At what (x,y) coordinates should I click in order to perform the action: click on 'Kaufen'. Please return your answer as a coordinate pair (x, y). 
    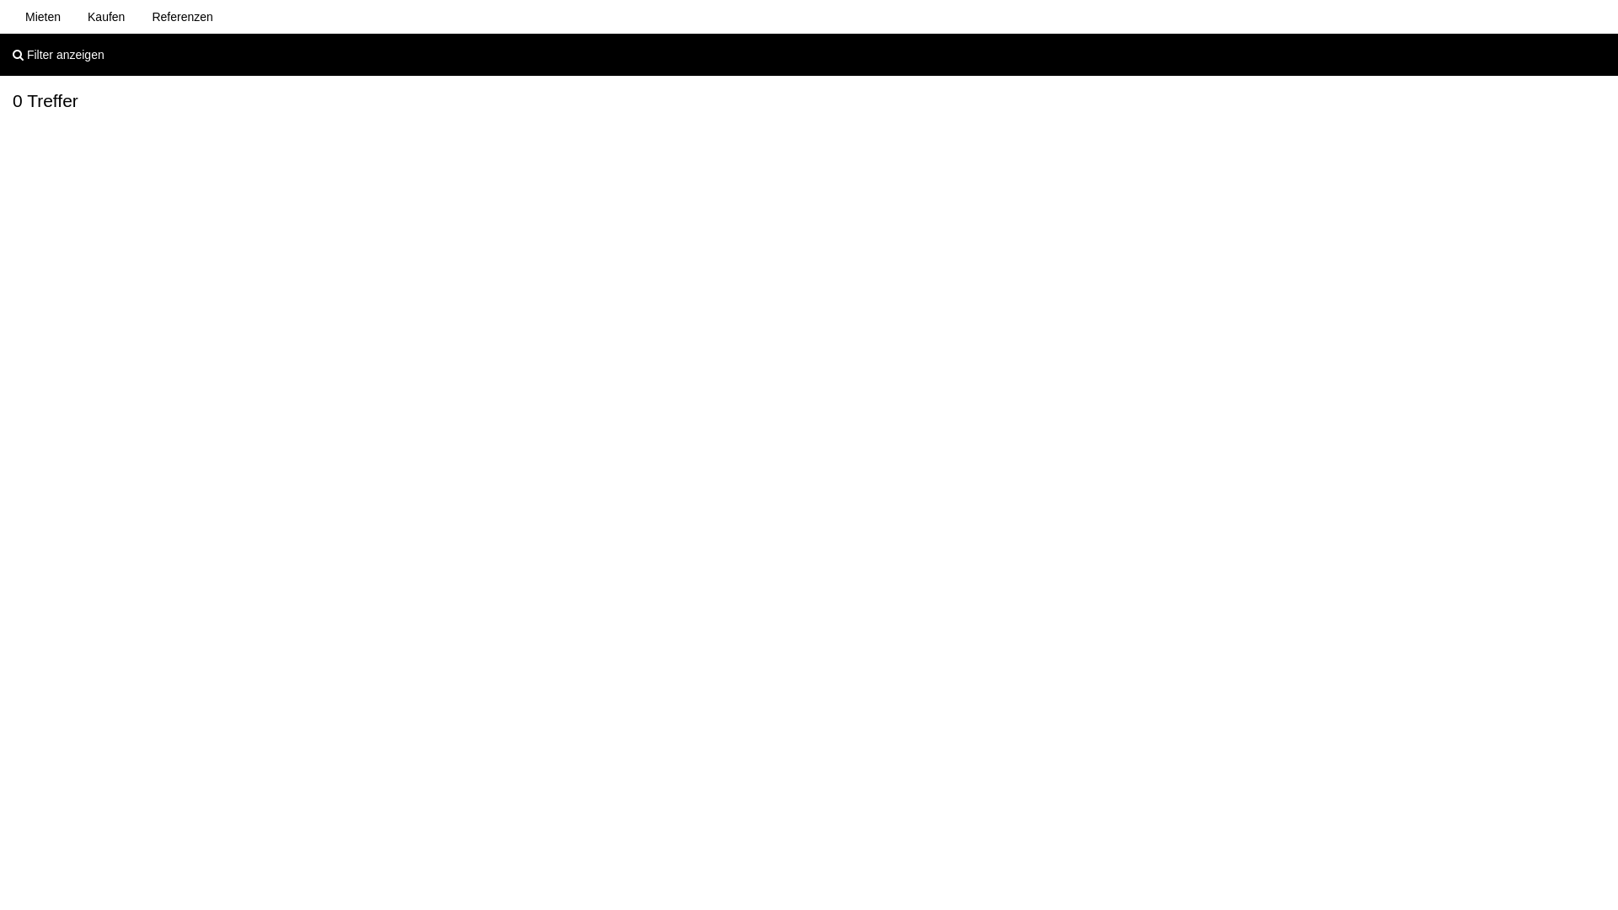
    Looking at the image, I should click on (104, 16).